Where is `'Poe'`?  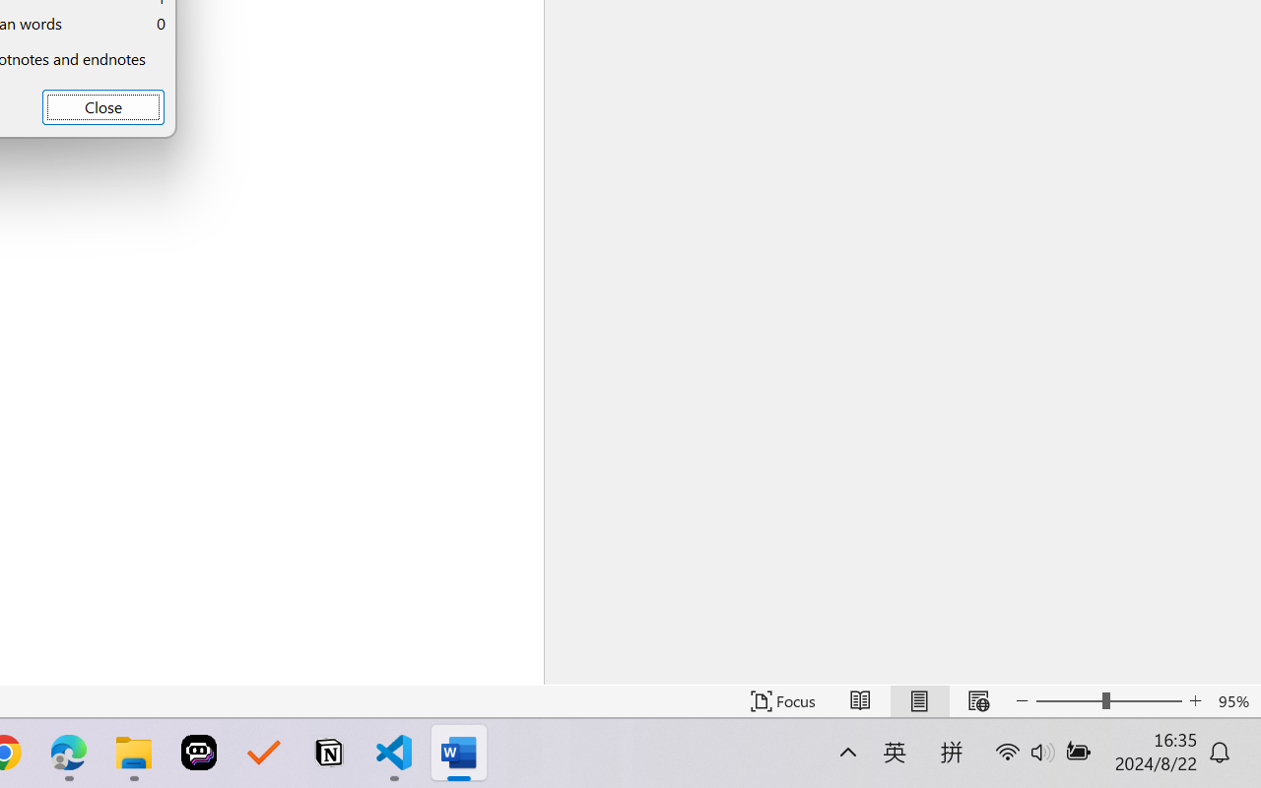 'Poe' is located at coordinates (199, 753).